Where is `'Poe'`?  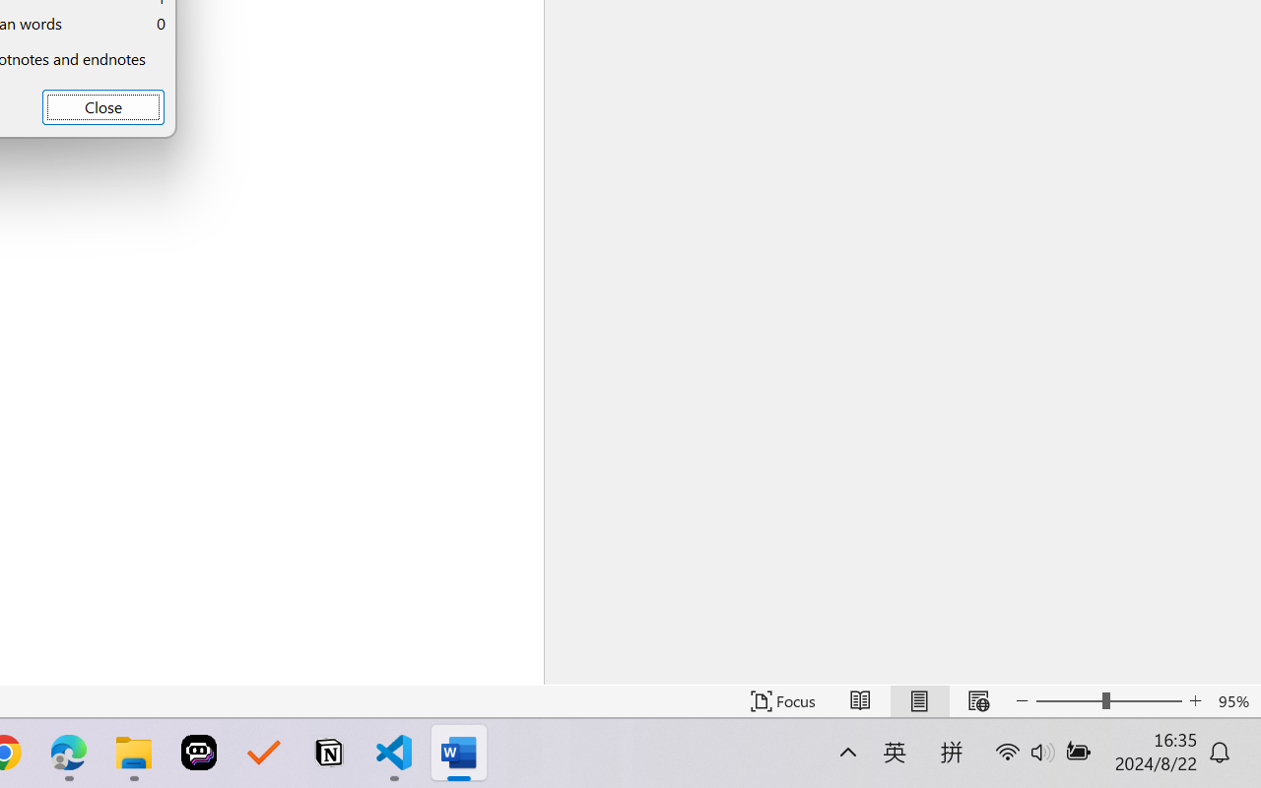 'Poe' is located at coordinates (199, 753).